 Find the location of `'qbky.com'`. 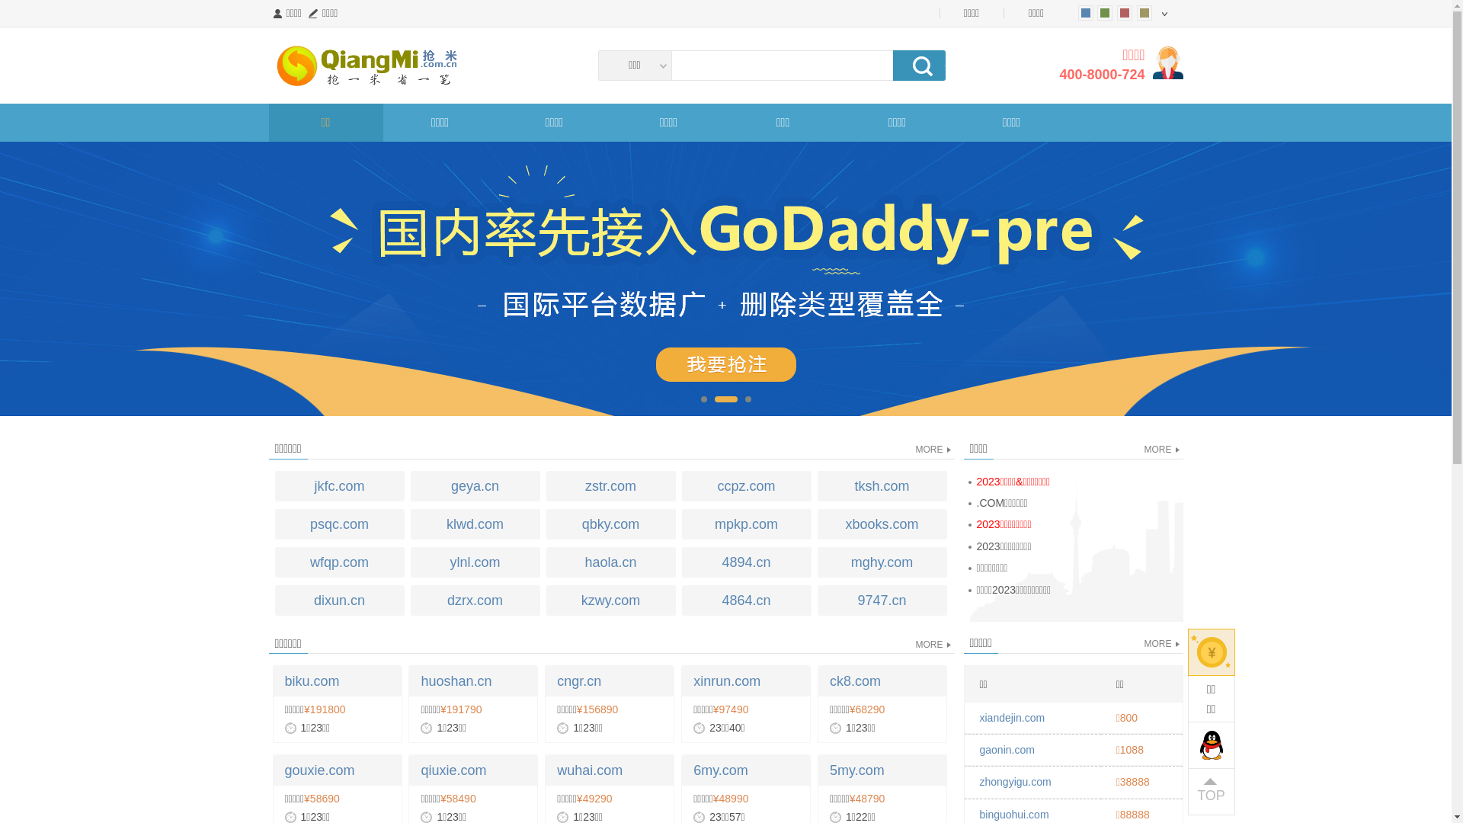

'qbky.com' is located at coordinates (545, 523).